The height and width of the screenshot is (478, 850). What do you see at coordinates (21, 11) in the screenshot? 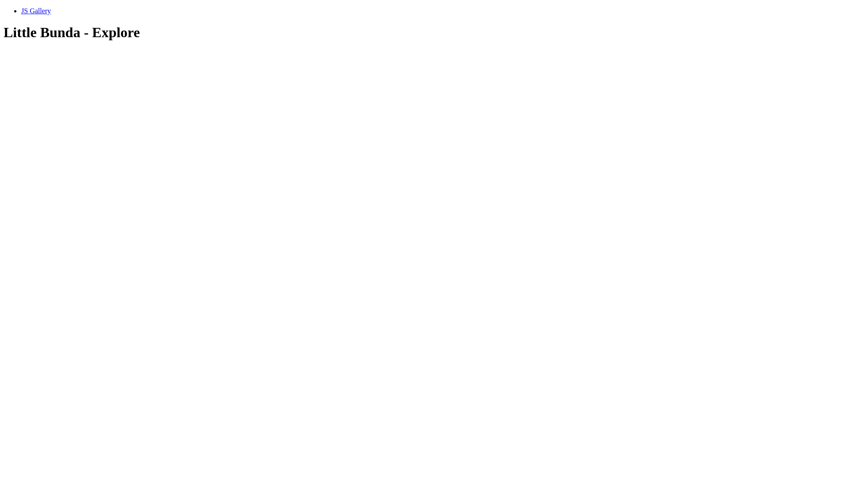
I see `'JS Gallery'` at bounding box center [21, 11].